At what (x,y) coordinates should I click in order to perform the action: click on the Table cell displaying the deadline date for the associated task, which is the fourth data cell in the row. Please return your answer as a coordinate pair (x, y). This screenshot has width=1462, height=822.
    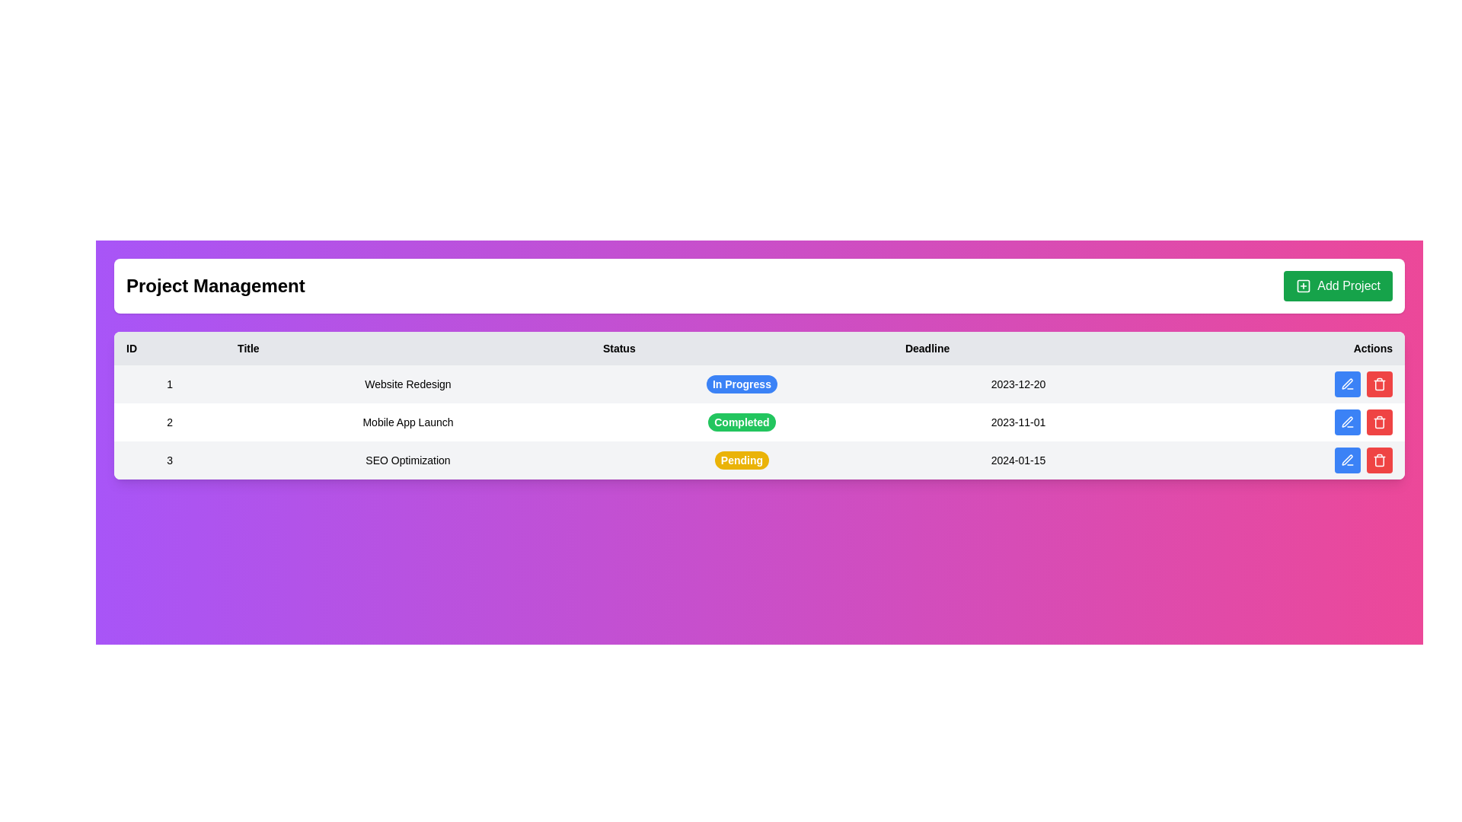
    Looking at the image, I should click on (1018, 422).